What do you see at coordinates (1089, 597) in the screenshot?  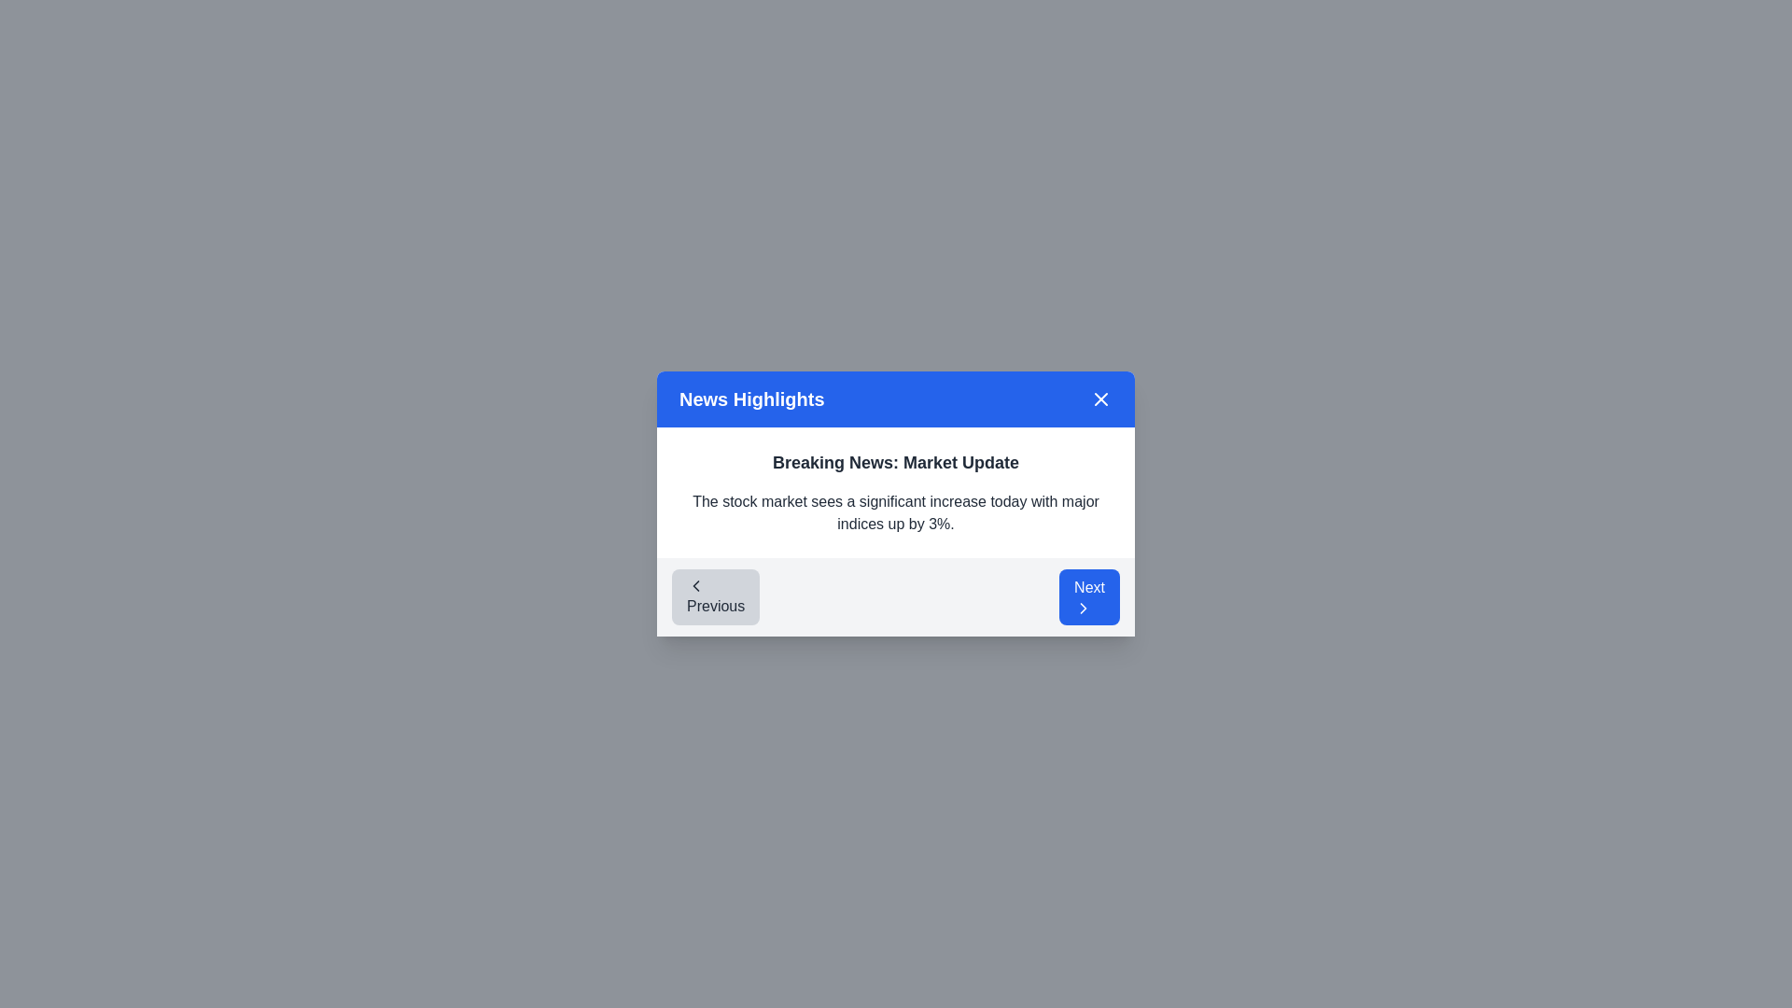 I see `the navigation button located at the bottom right of the modal dialog to observe its color change` at bounding box center [1089, 597].